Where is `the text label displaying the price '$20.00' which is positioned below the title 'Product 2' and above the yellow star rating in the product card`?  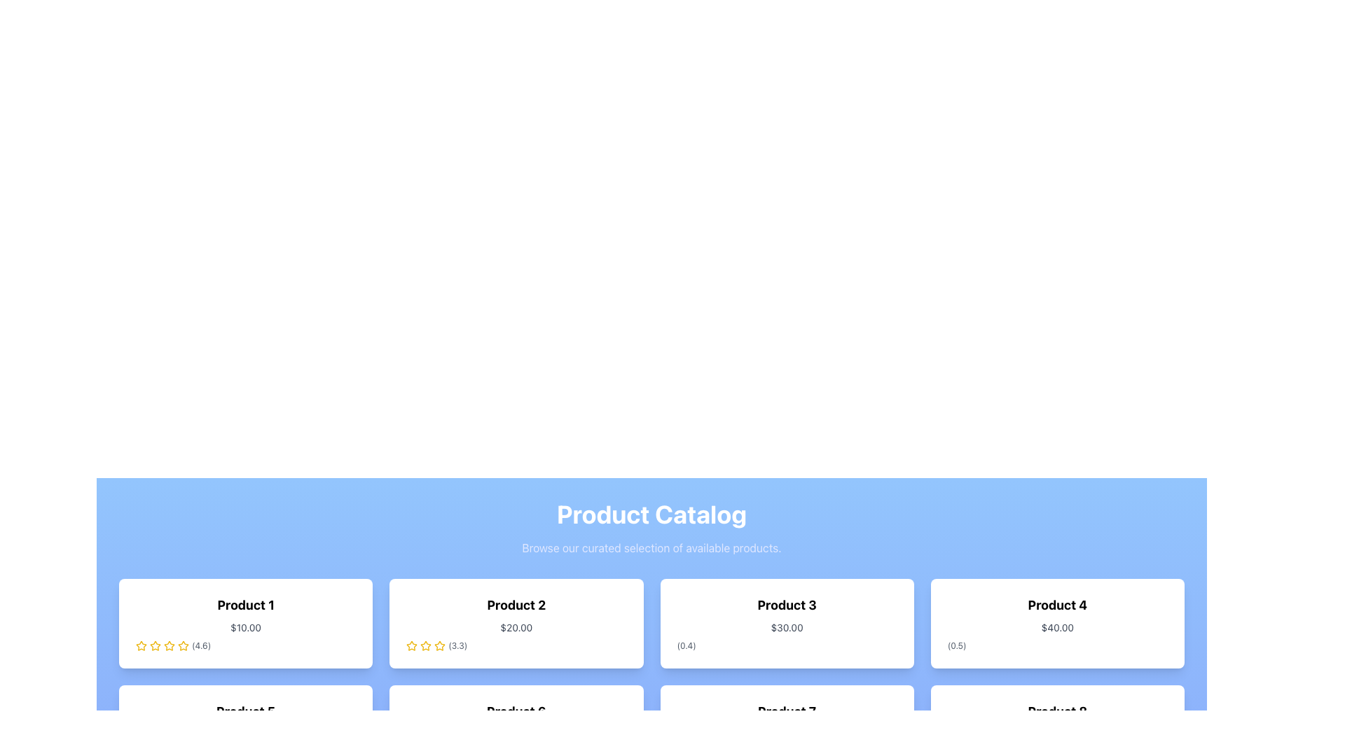
the text label displaying the price '$20.00' which is positioned below the title 'Product 2' and above the yellow star rating in the product card is located at coordinates (516, 627).